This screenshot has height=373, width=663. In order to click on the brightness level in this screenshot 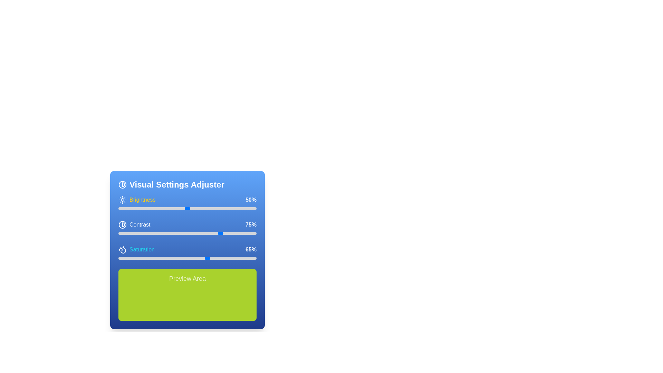, I will do `click(132, 208)`.